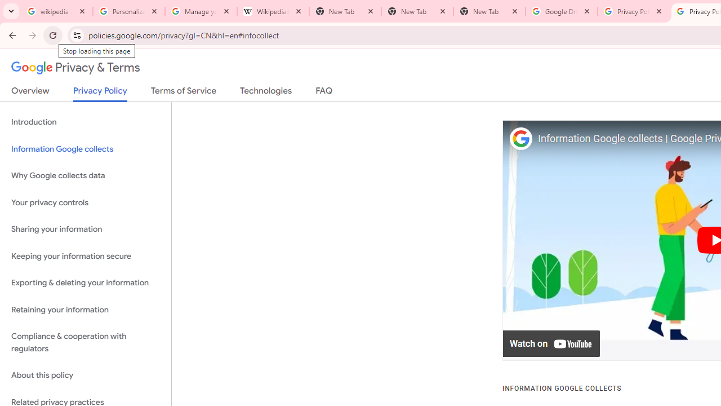 Image resolution: width=721 pixels, height=406 pixels. Describe the element at coordinates (85, 202) in the screenshot. I see `'Your privacy controls'` at that location.